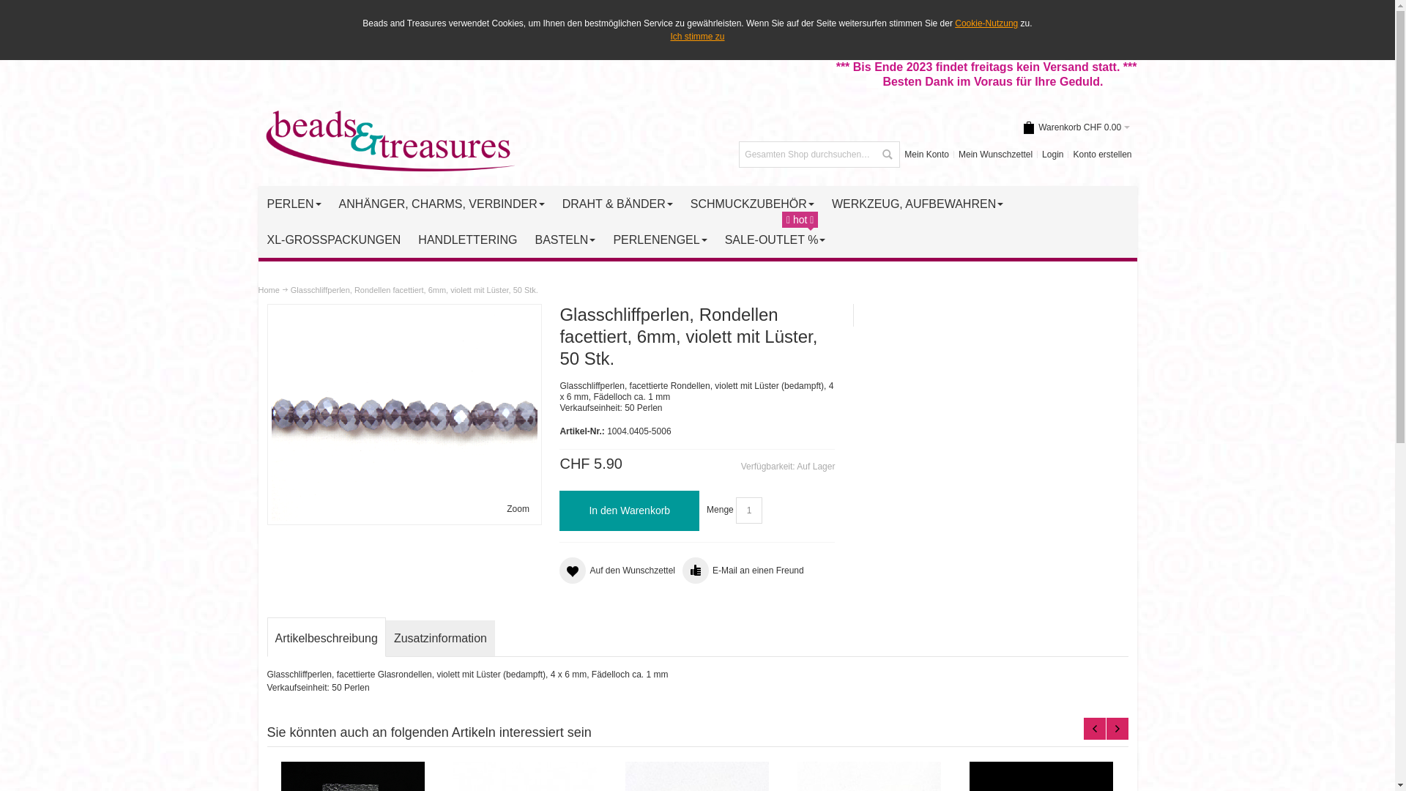 The height and width of the screenshot is (791, 1406). What do you see at coordinates (659, 239) in the screenshot?
I see `'PERLENENGEL '` at bounding box center [659, 239].